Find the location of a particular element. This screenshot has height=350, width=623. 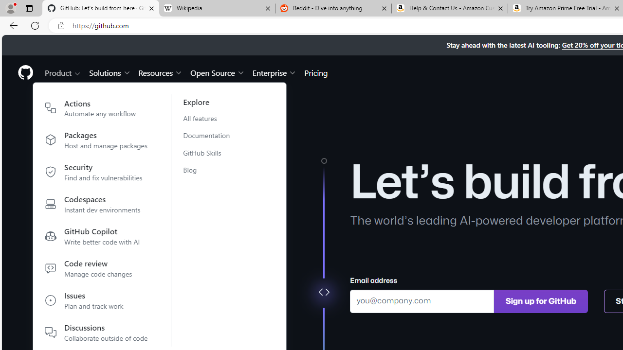

'SecurityFind and fix vulnerabilities' is located at coordinates (96, 174).